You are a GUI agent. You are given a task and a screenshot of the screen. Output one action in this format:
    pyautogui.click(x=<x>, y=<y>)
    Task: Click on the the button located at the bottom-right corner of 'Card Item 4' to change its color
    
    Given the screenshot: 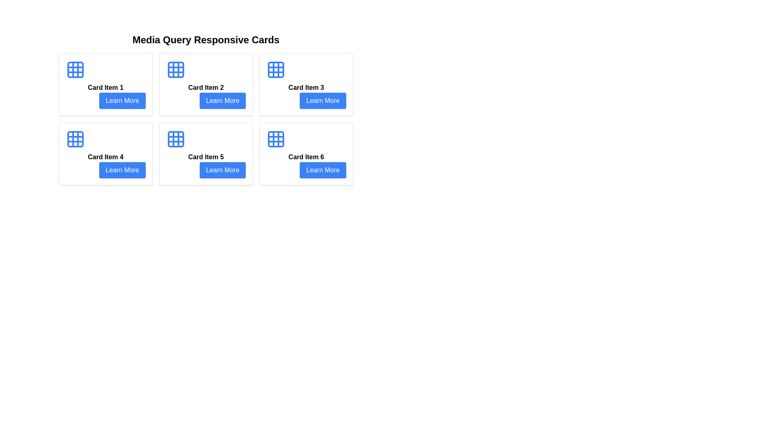 What is the action you would take?
    pyautogui.click(x=122, y=169)
    